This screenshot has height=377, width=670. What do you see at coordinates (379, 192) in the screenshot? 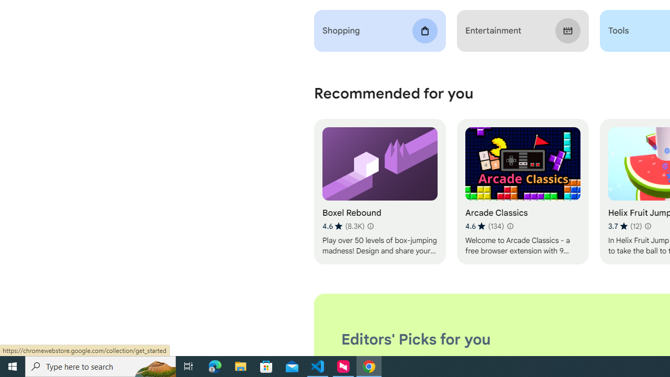
I see `'Boxel Rebound'` at bounding box center [379, 192].